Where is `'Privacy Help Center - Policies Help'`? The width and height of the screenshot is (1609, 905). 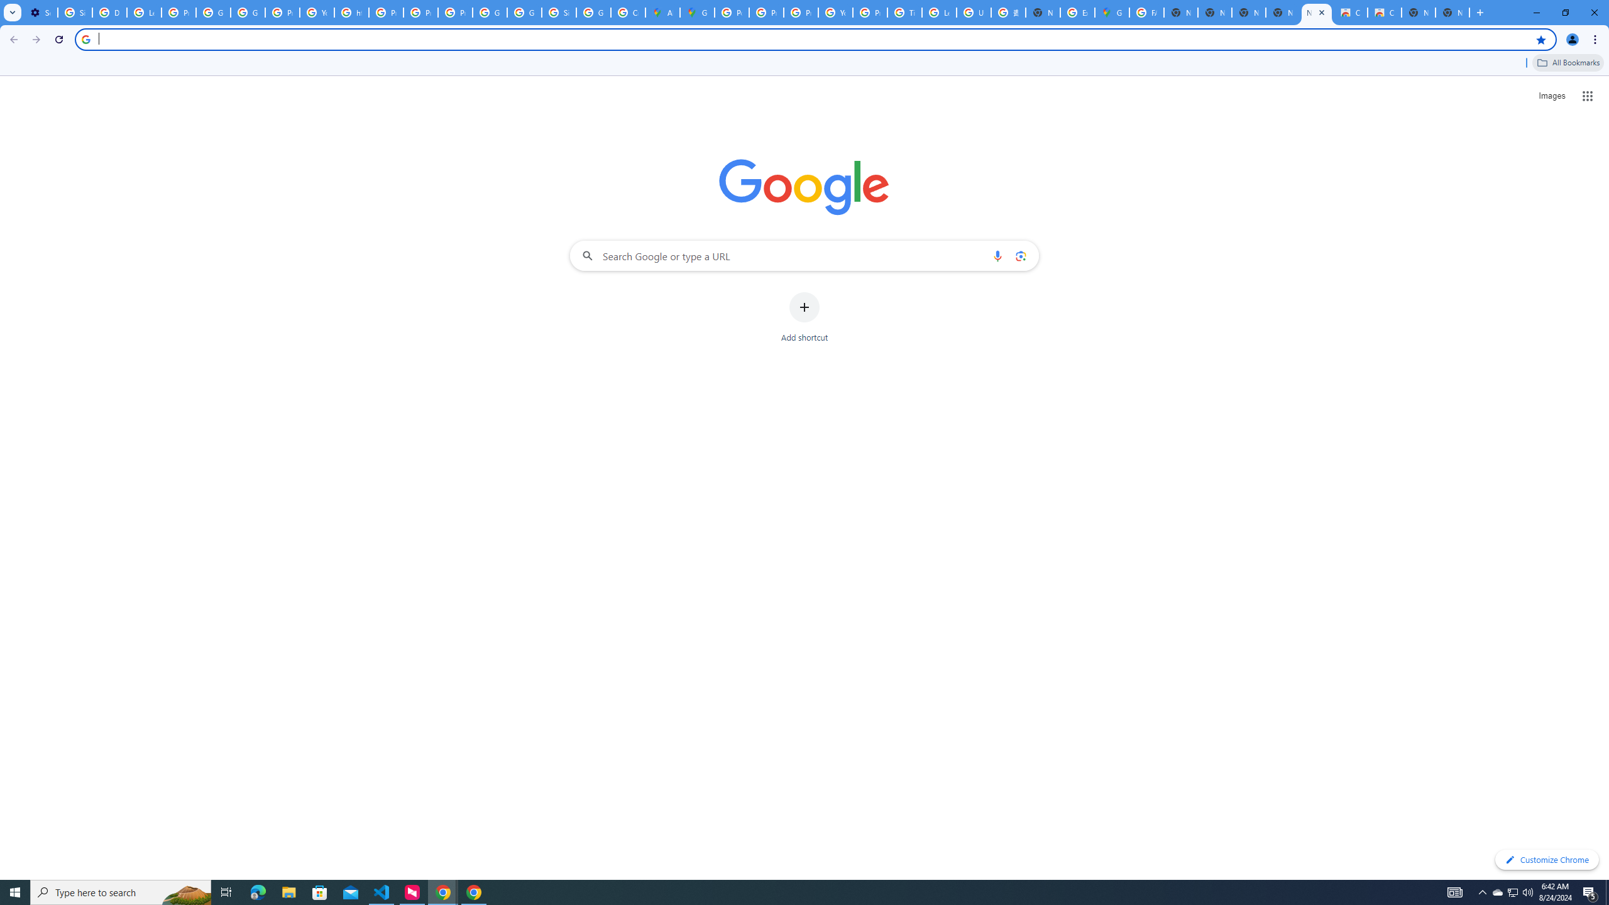
'Privacy Help Center - Policies Help' is located at coordinates (800, 12).